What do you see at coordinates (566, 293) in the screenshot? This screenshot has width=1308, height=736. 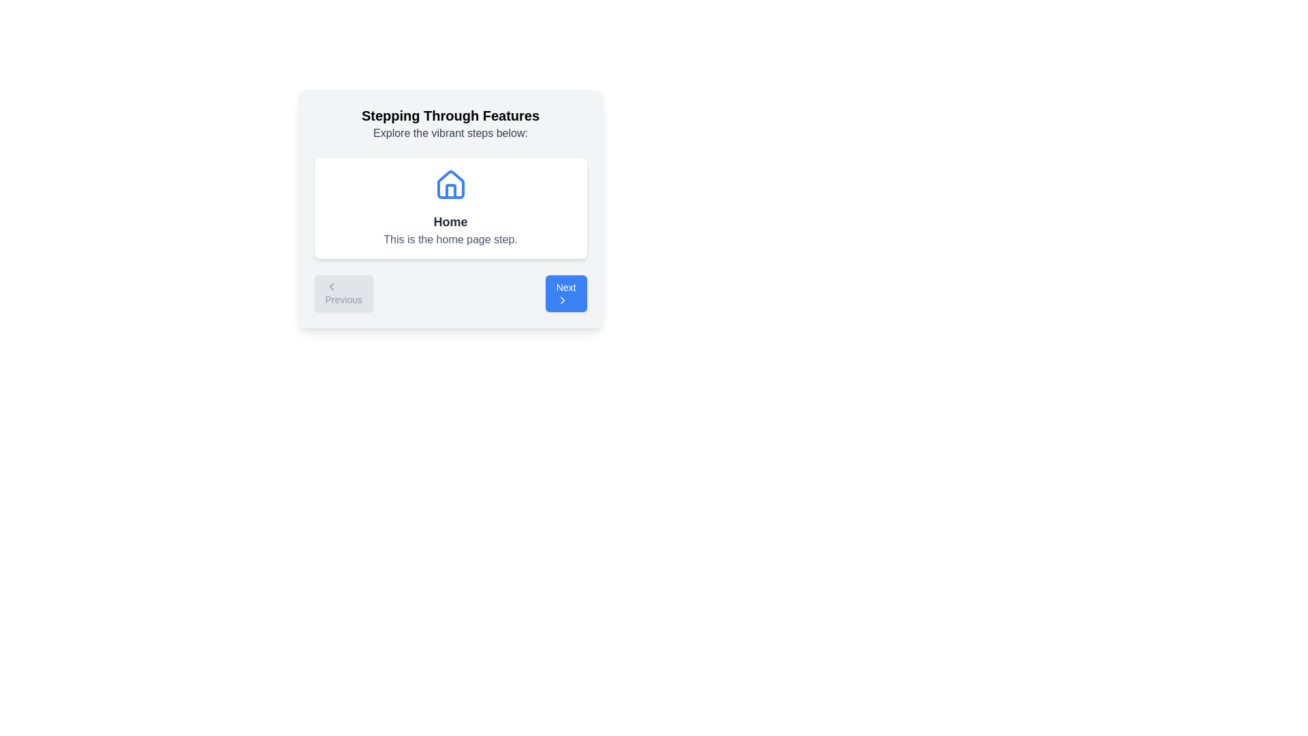 I see `the 'Next' button, which is a rectangular button with a blue background and white text, located to the right of the 'Previous' button at the bottom of the card` at bounding box center [566, 293].